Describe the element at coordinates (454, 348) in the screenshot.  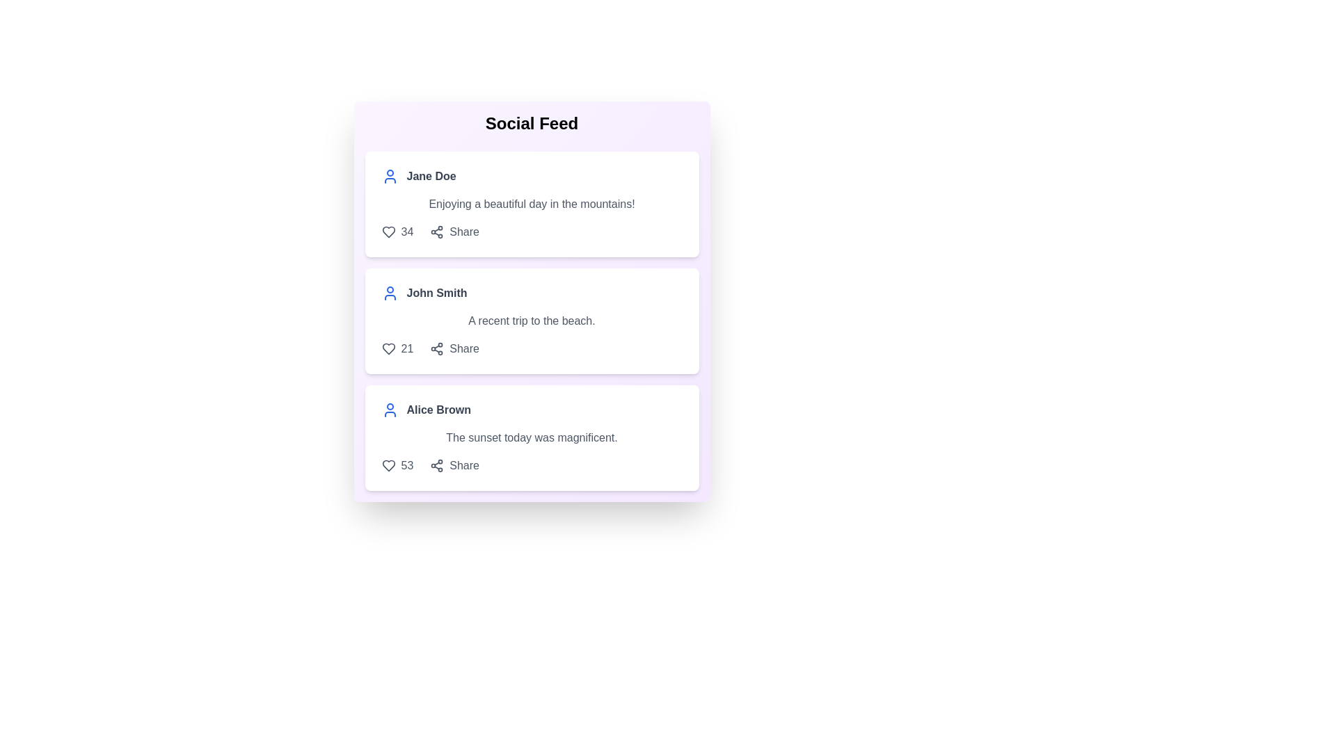
I see `'Share' button for the post authored by John Smith` at that location.